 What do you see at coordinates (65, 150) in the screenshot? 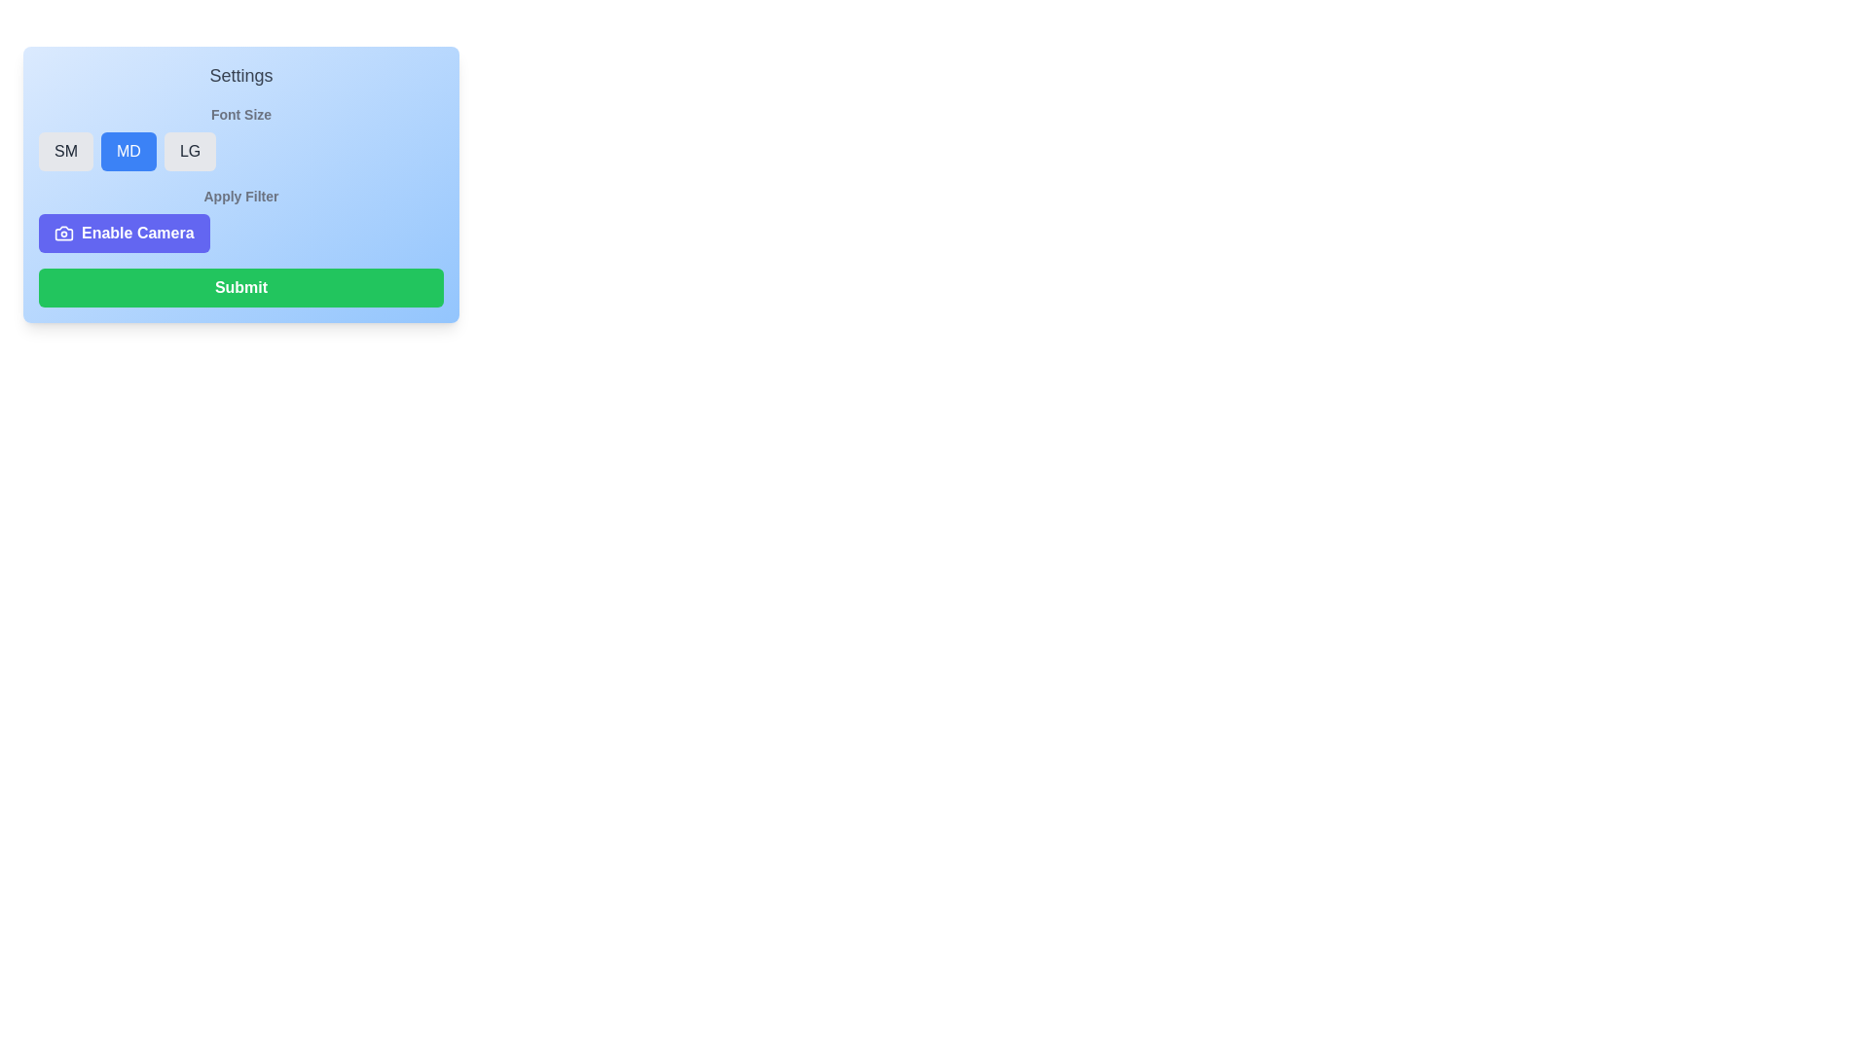
I see `the 'SM' button, which is a light gray rectangular button with rounded corners and dark gray text` at bounding box center [65, 150].